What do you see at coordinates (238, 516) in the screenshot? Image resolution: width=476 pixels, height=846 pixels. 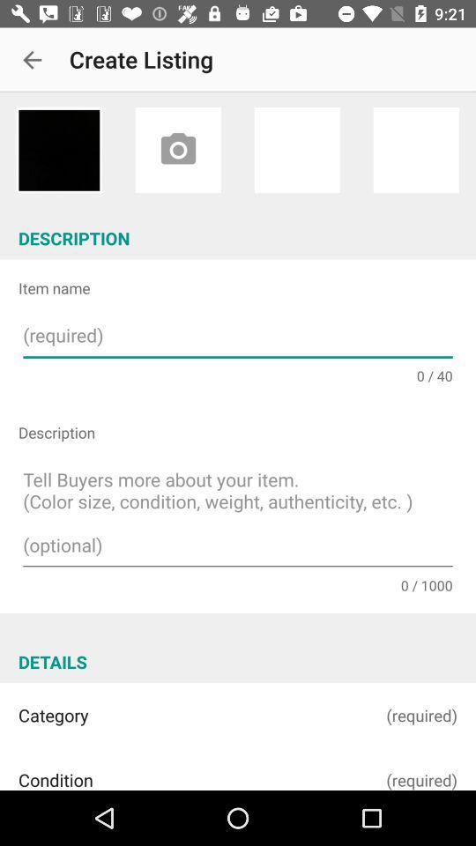 I see `the item below the description icon` at bounding box center [238, 516].